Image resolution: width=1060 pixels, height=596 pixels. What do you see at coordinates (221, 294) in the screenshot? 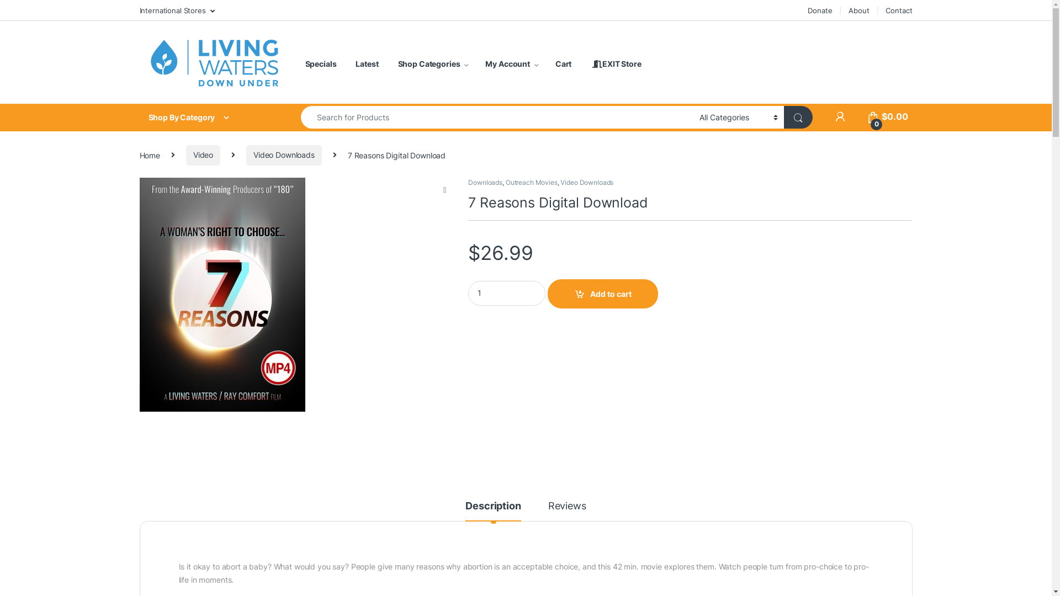
I see `'download-7-reasons-mi619'` at bounding box center [221, 294].